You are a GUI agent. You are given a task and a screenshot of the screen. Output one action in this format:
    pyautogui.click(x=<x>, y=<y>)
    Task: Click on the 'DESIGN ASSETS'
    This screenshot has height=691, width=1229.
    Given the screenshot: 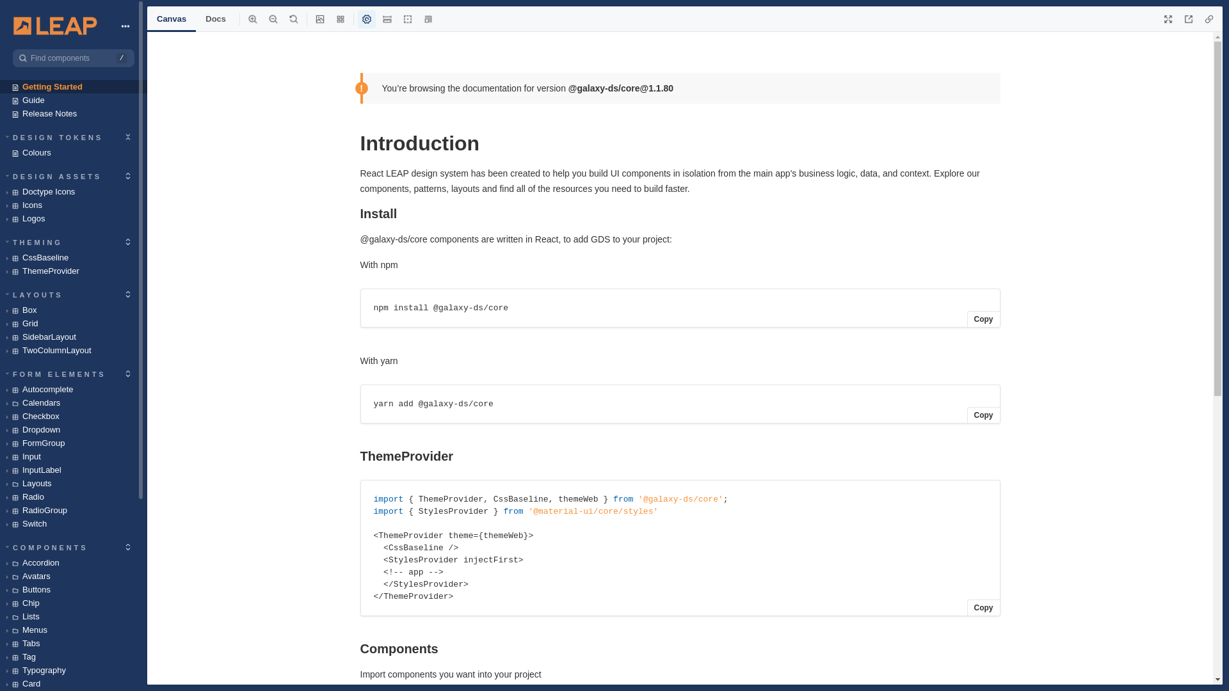 What is the action you would take?
    pyautogui.click(x=54, y=175)
    